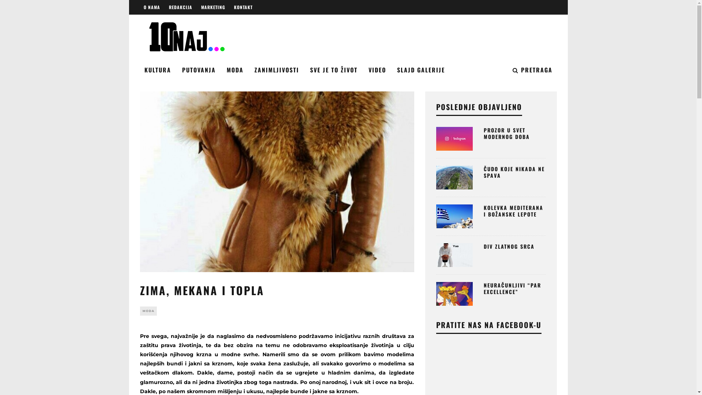 The height and width of the screenshot is (395, 702). I want to click on 'VIDEO', so click(364, 70).